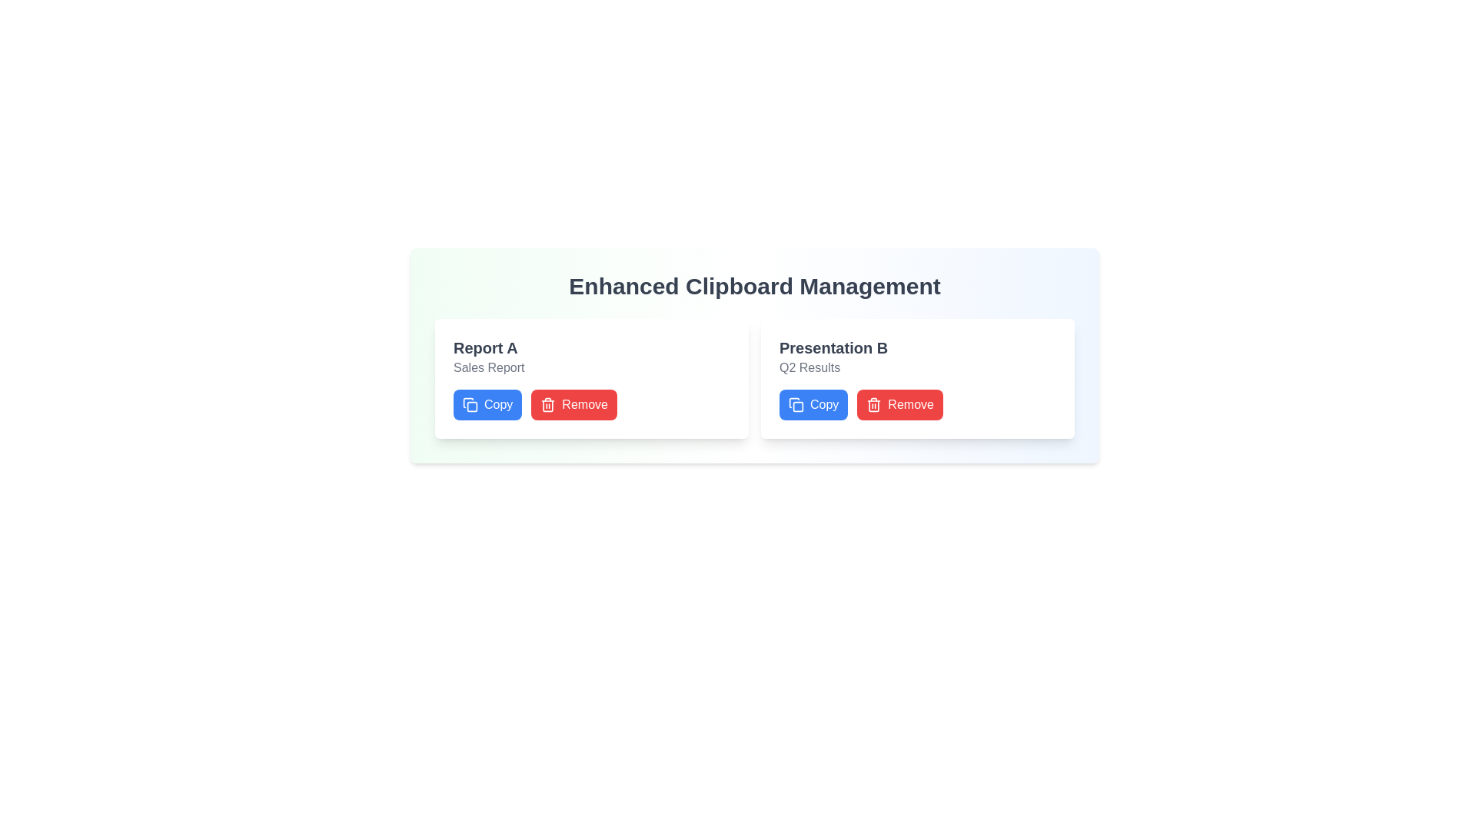  Describe the element at coordinates (573, 404) in the screenshot. I see `the 'Remove' button, which is a rectangular button with a red background and white text, styled to indicate interactivity and located at the bottom of the 'Report A' card` at that location.